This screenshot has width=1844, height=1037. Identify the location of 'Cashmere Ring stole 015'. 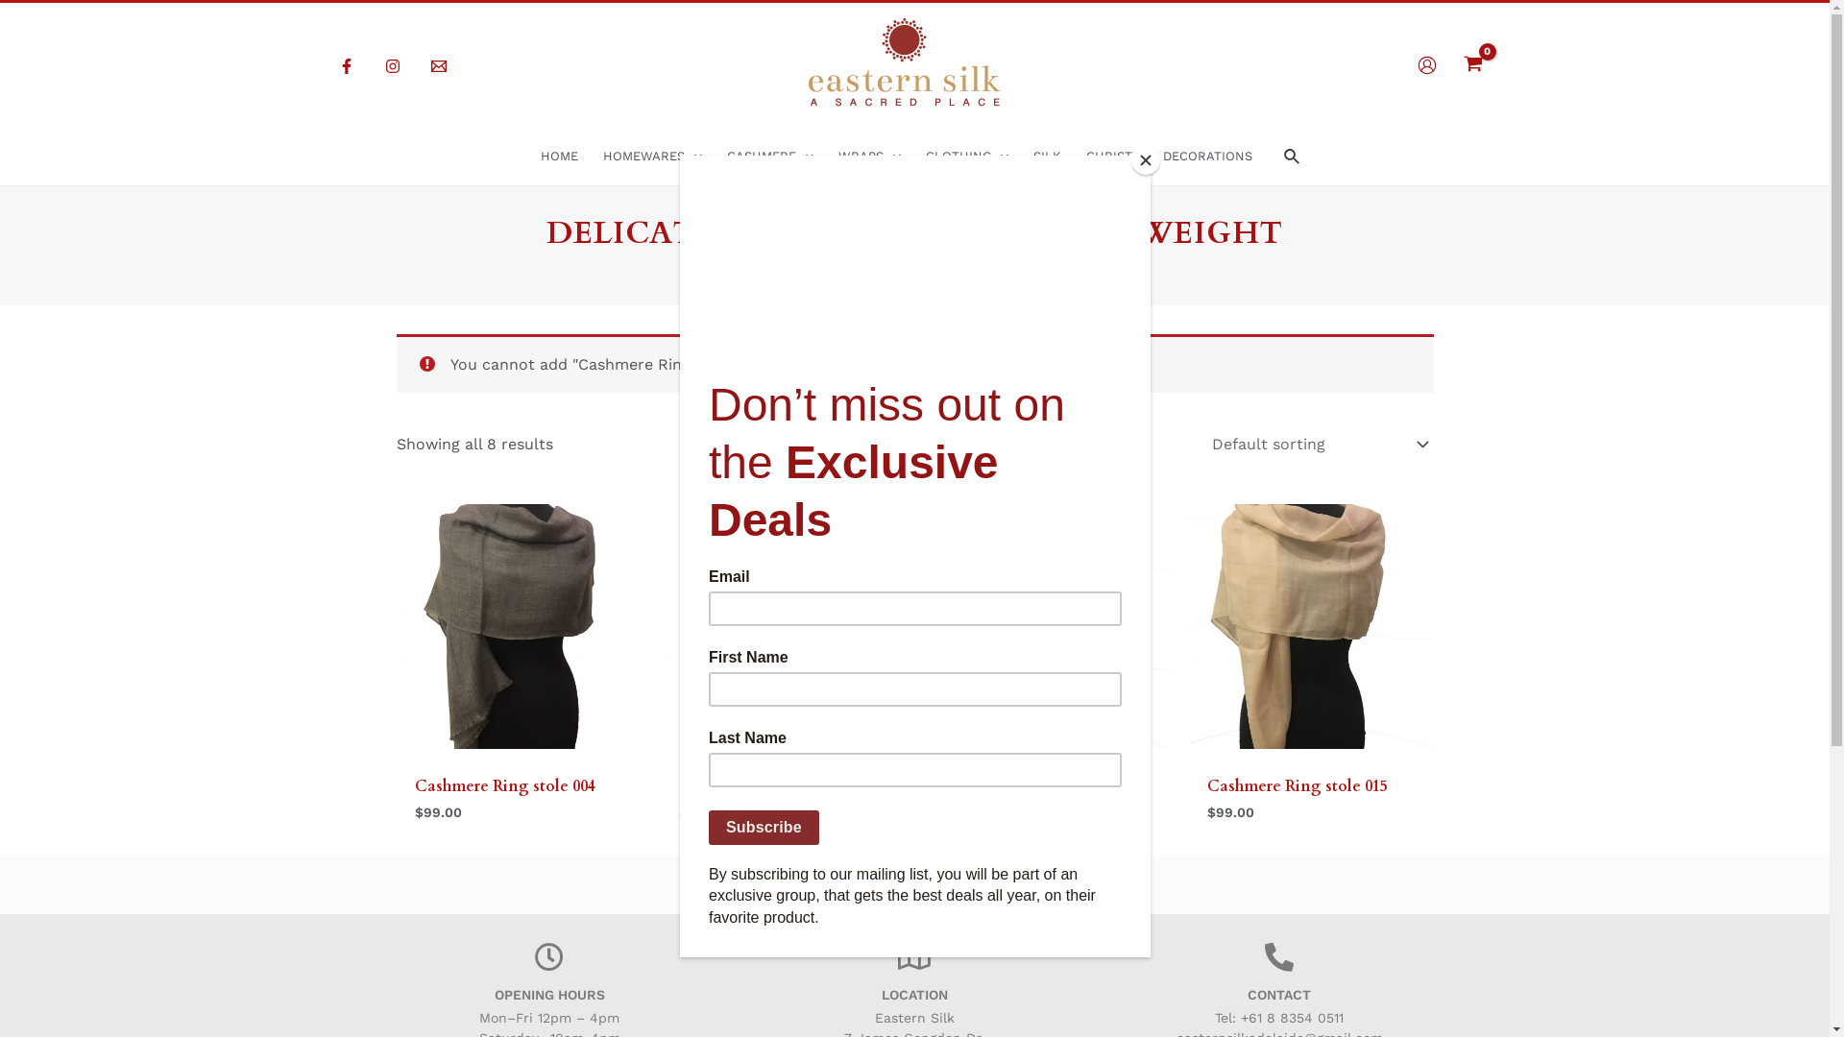
(1297, 790).